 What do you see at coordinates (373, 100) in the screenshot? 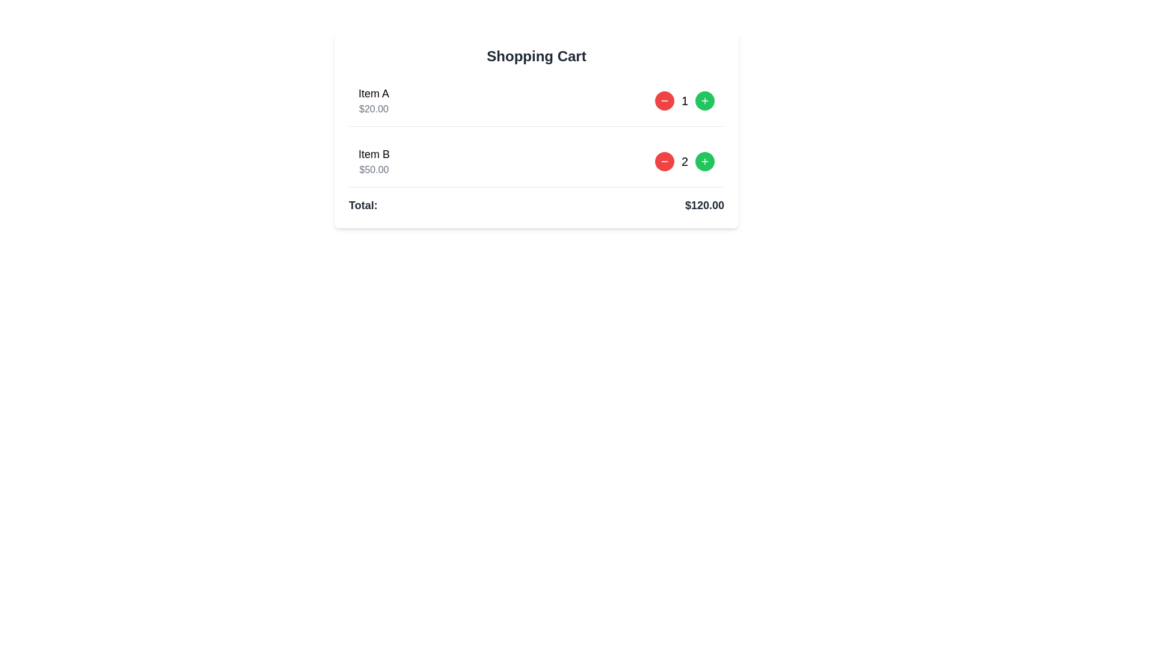
I see `text from the display label showing the item's name and price in the shopping cart, located in the upper-left section of the first item in the shopping list` at bounding box center [373, 100].